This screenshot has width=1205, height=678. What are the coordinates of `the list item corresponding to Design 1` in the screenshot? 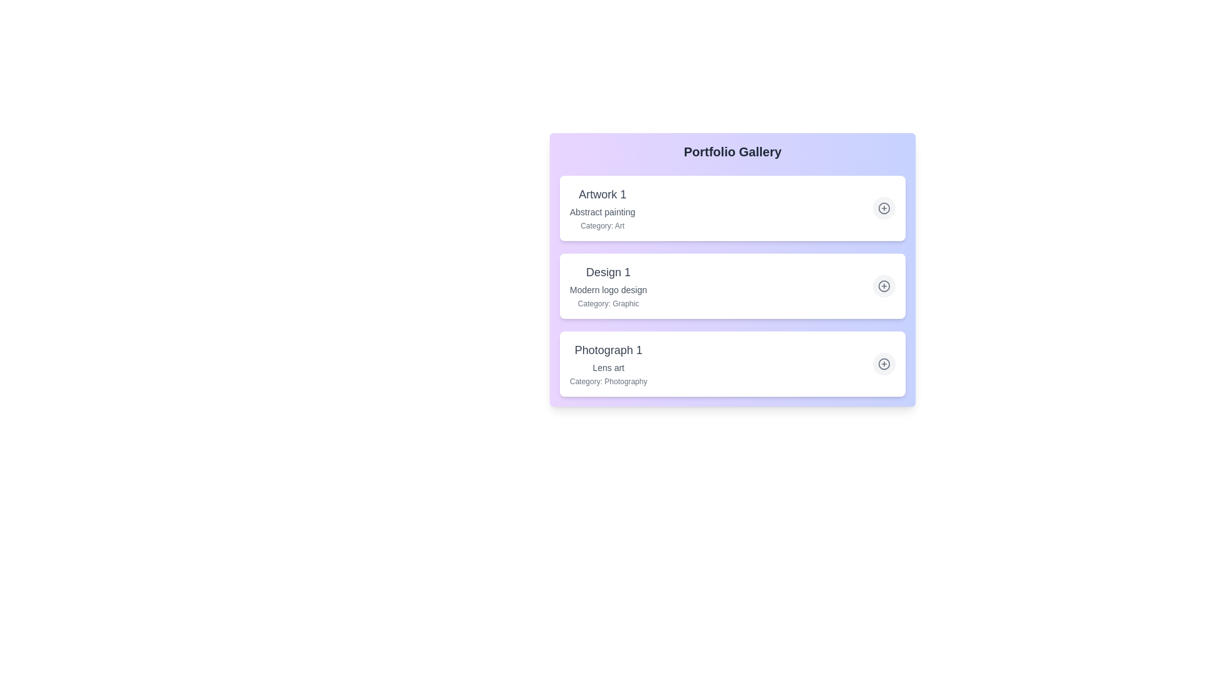 It's located at (732, 286).